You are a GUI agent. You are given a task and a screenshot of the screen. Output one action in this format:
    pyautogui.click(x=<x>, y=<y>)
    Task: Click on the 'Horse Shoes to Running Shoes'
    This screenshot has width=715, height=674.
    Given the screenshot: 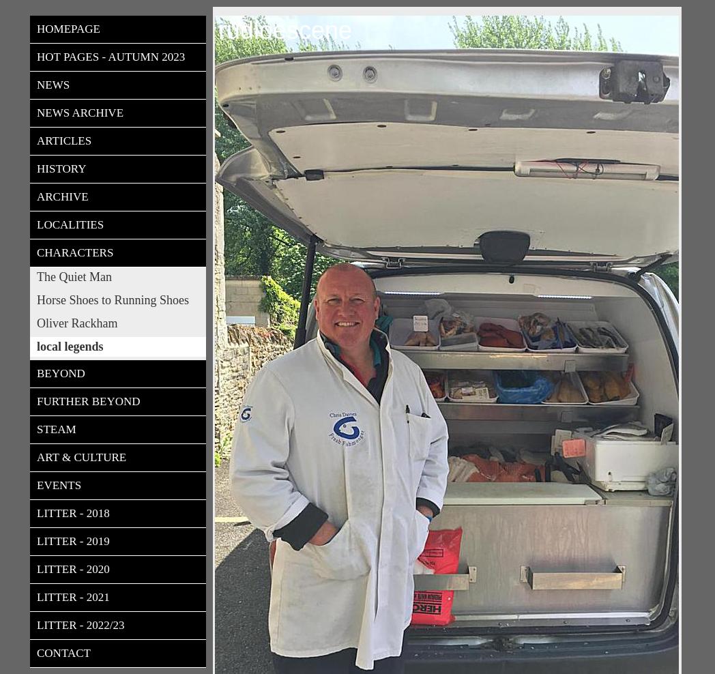 What is the action you would take?
    pyautogui.click(x=113, y=299)
    